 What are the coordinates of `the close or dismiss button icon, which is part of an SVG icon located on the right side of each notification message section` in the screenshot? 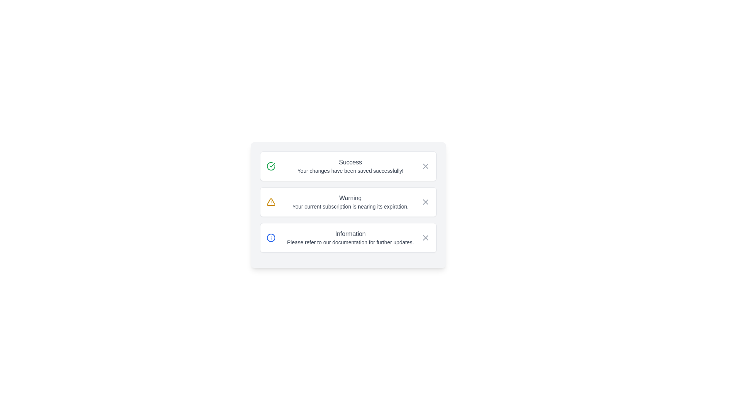 It's located at (425, 237).